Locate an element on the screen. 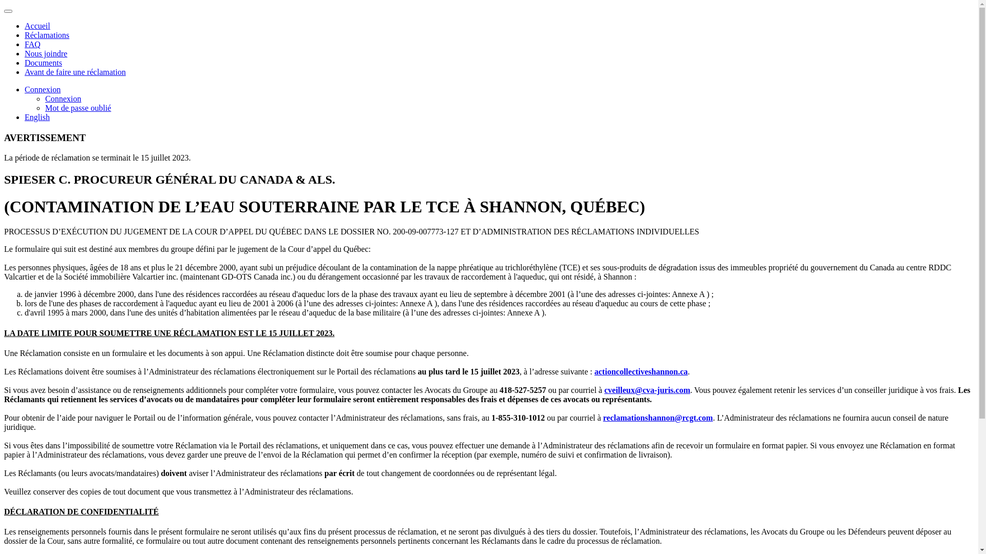  'actioncollectiveshannon.ca' is located at coordinates (640, 371).